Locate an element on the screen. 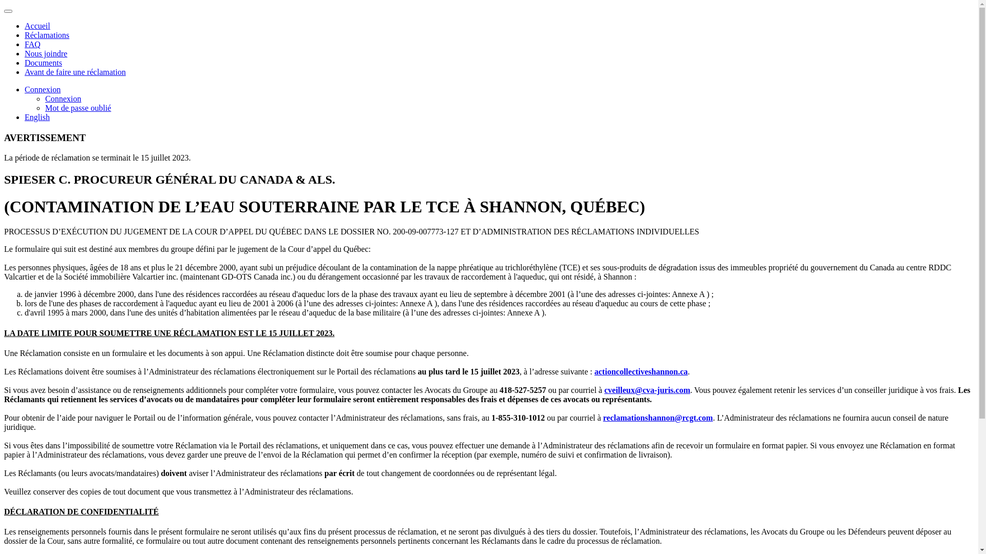  'actioncollectiveshannon.ca' is located at coordinates (640, 371).